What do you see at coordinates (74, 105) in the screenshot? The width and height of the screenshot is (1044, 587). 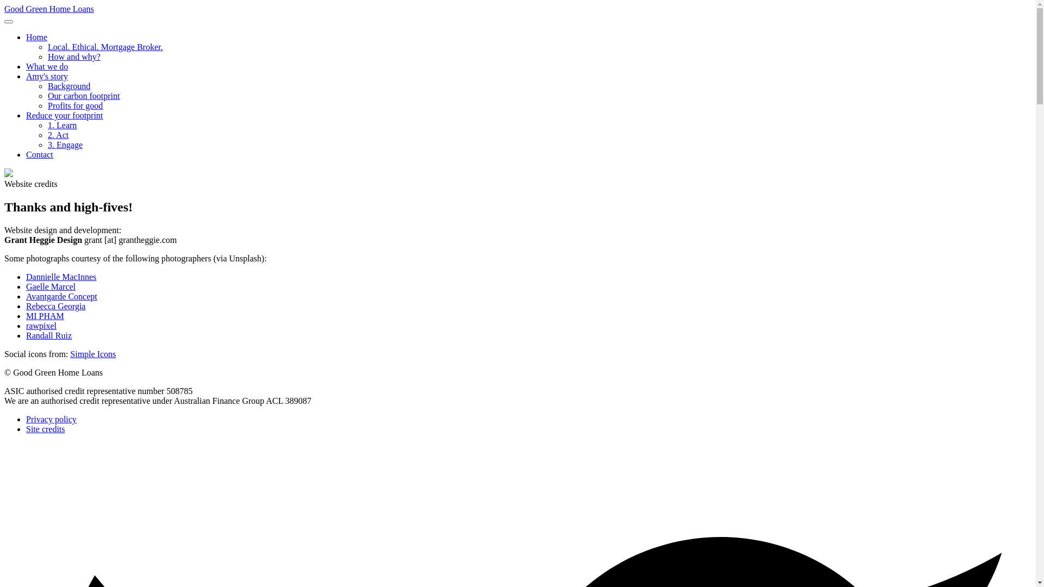 I see `'Profits for good'` at bounding box center [74, 105].